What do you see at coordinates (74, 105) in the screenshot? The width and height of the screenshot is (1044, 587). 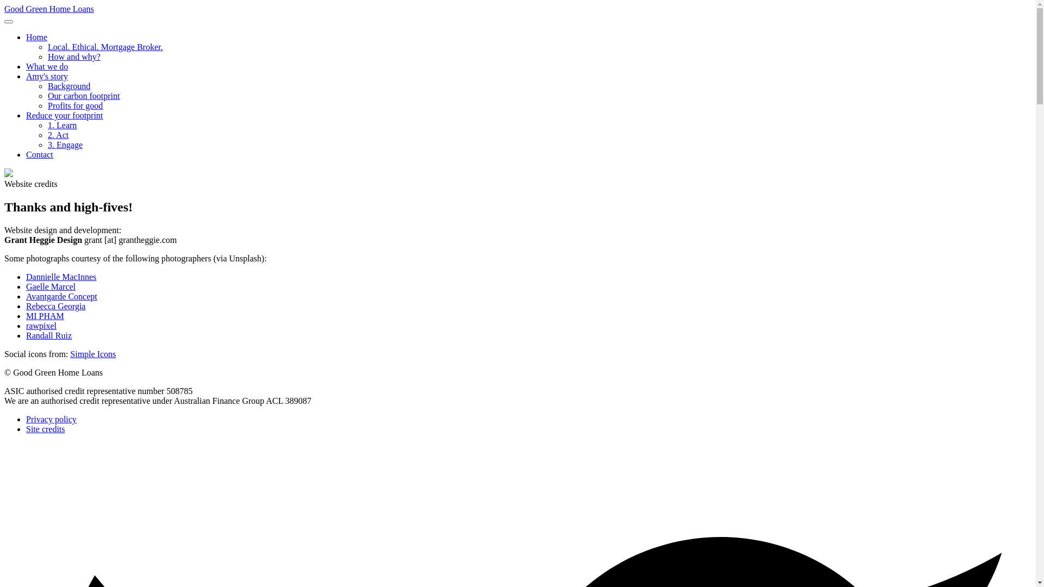 I see `'Profits for good'` at bounding box center [74, 105].